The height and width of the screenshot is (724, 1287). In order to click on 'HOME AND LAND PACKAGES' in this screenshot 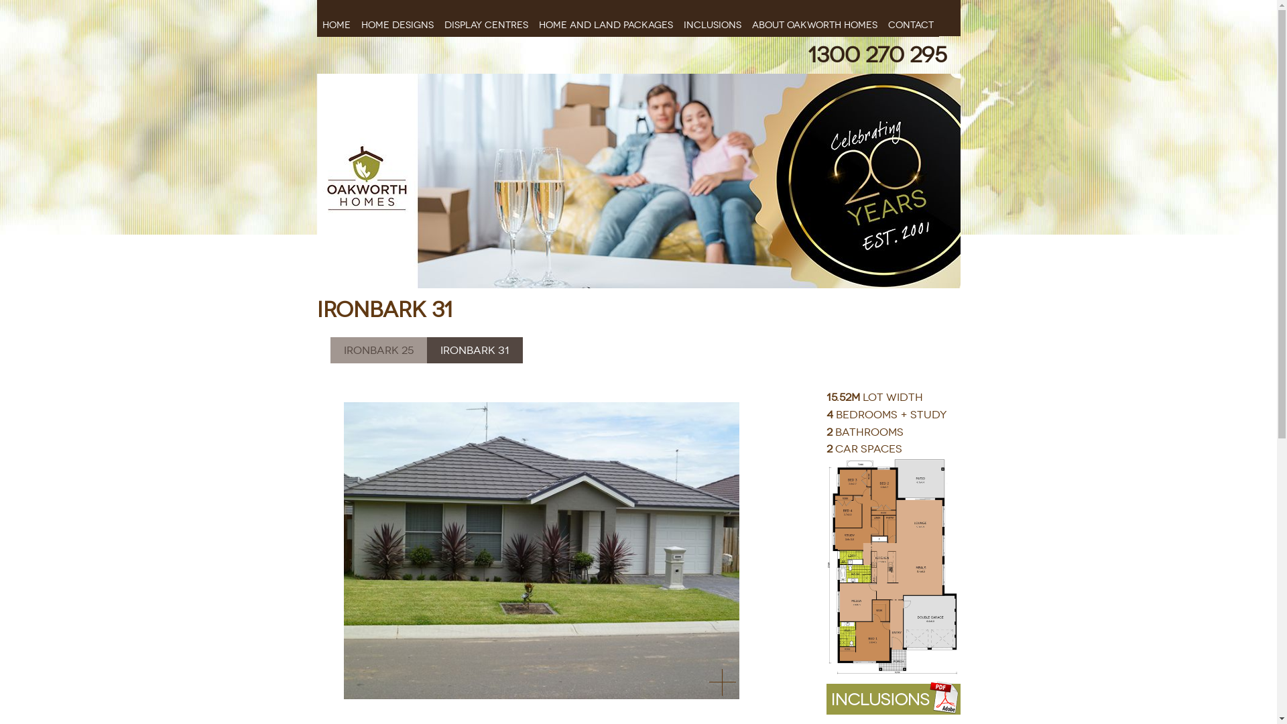, I will do `click(605, 18)`.